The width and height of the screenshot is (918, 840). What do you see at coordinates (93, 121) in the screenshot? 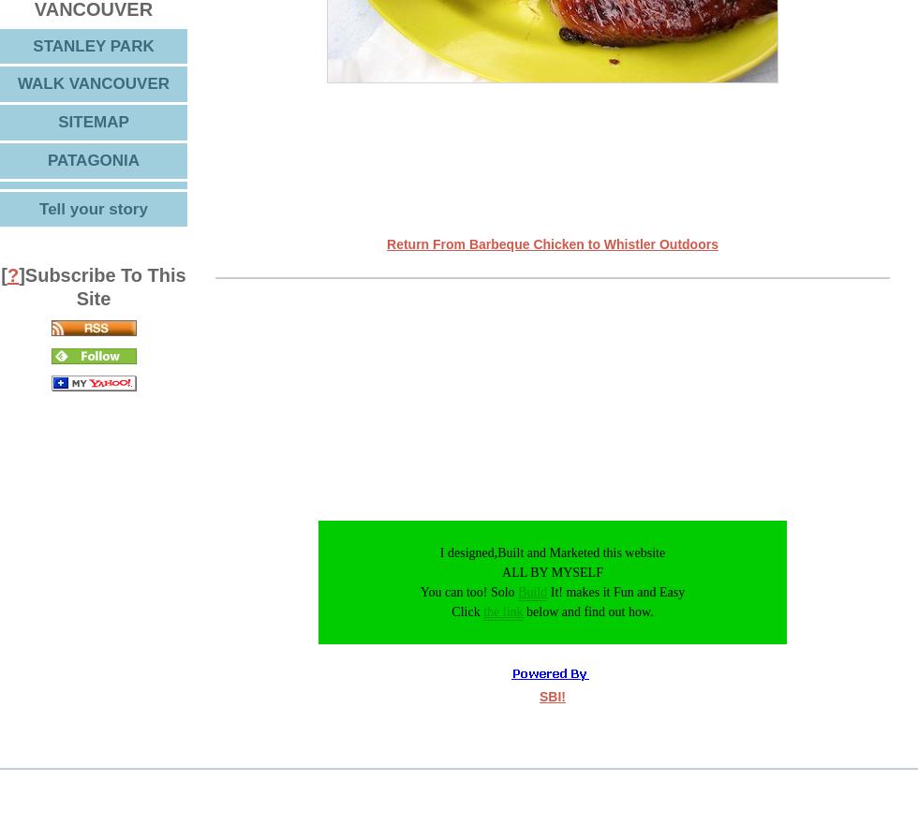
I see `'SITEMAP'` at bounding box center [93, 121].